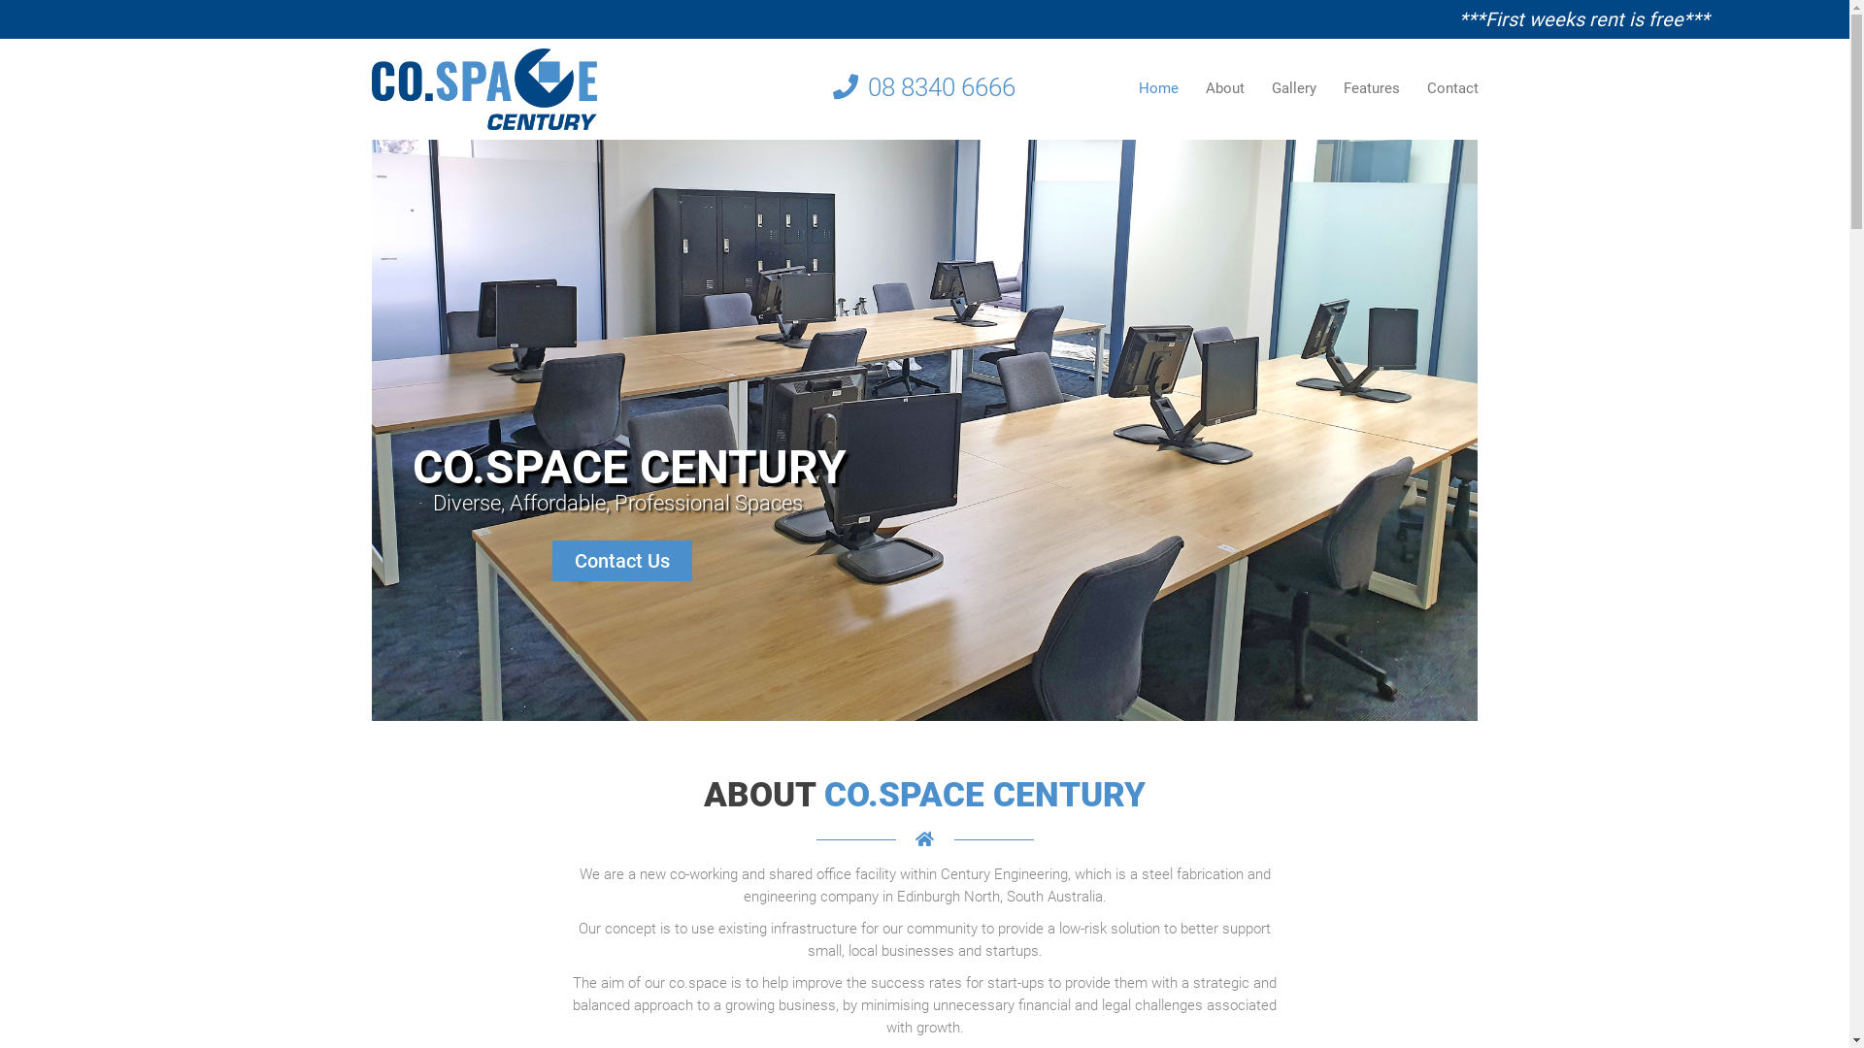 The image size is (1864, 1048). Describe the element at coordinates (619, 561) in the screenshot. I see `'Contact Us'` at that location.